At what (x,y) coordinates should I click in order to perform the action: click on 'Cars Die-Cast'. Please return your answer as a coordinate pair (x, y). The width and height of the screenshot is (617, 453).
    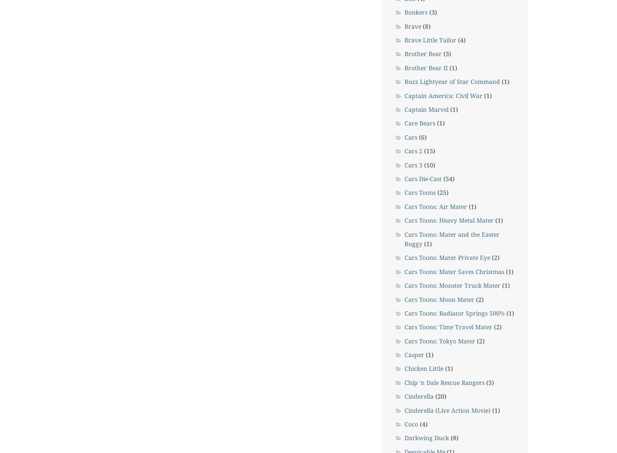
    Looking at the image, I should click on (422, 179).